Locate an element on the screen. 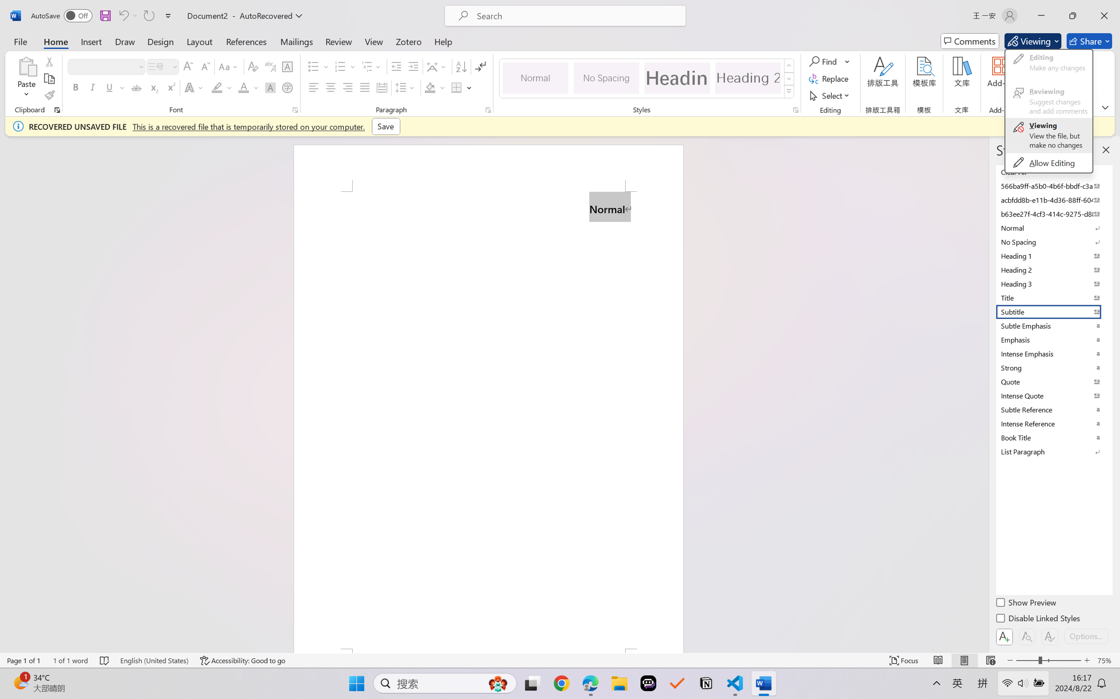  'Format Painter' is located at coordinates (49, 96).